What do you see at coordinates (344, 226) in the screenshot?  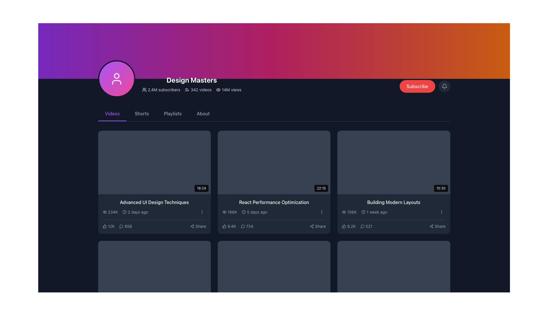 I see `the thumbs-up SVG icon, which is part of a compact layout beneath the video titled 'Building Modern Layouts', located left of the numeric counter displaying '8.2K'` at bounding box center [344, 226].